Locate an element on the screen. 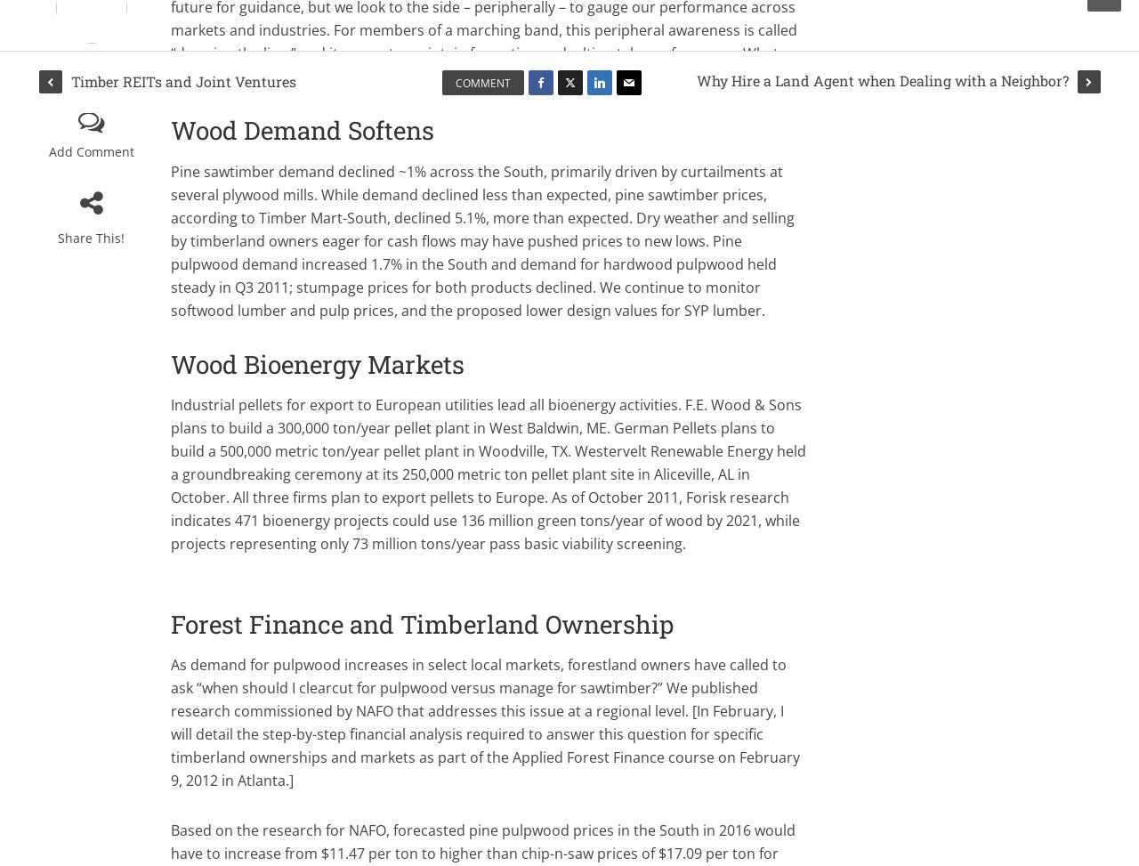 Image resolution: width=1139 pixels, height=866 pixels. 'Add Comment' is located at coordinates (90, 151).